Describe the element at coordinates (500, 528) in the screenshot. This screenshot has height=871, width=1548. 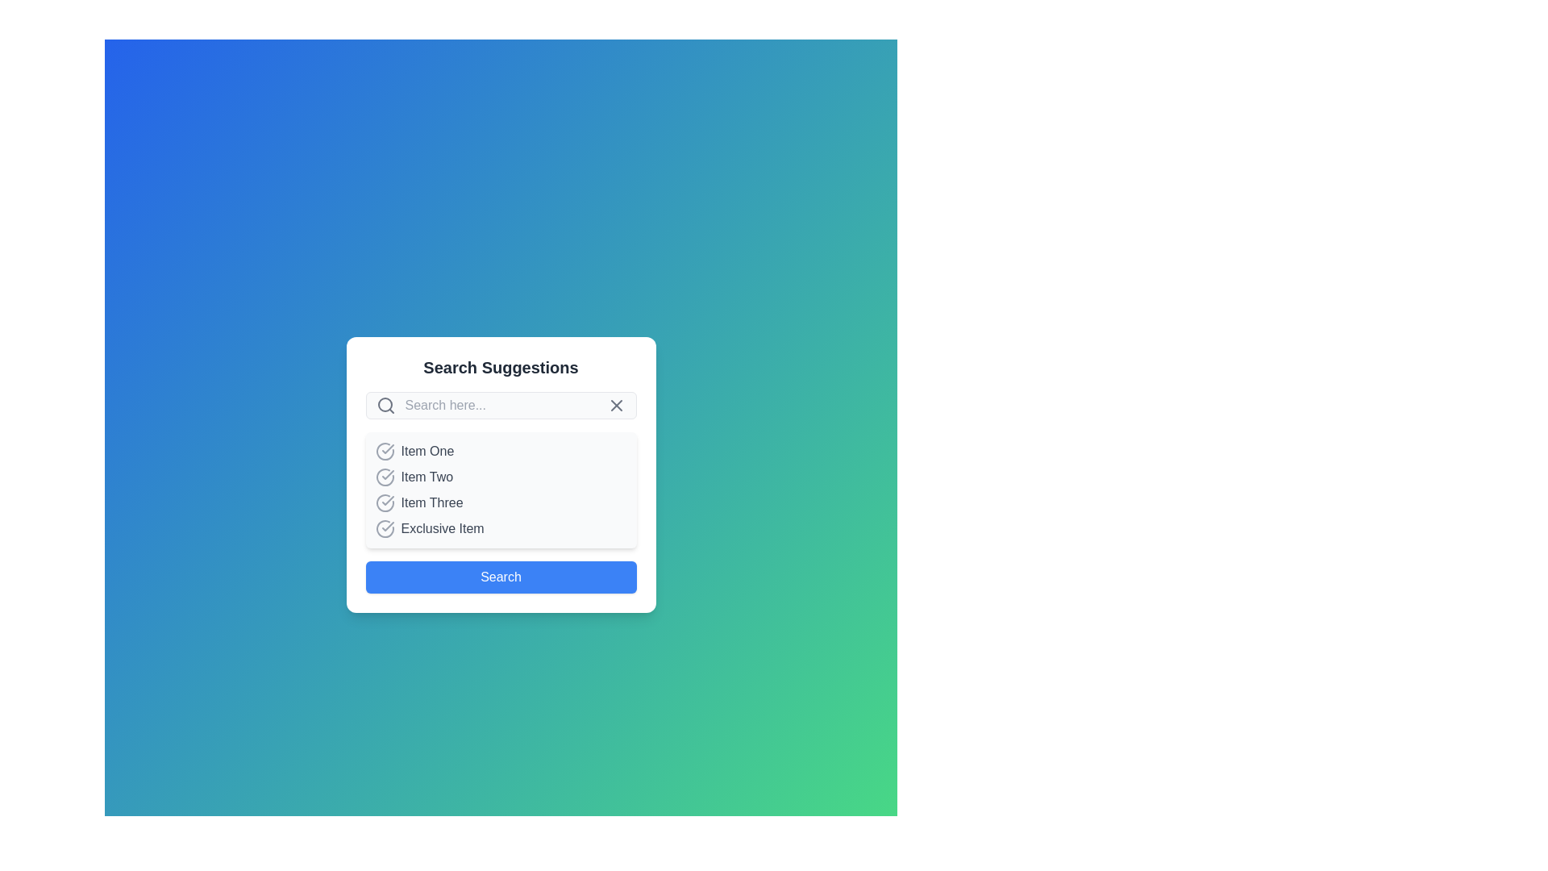
I see `fourth list item labeled 'Exclusive Item' with a circular check icon located in the 'Search Suggestions' overlay` at that location.